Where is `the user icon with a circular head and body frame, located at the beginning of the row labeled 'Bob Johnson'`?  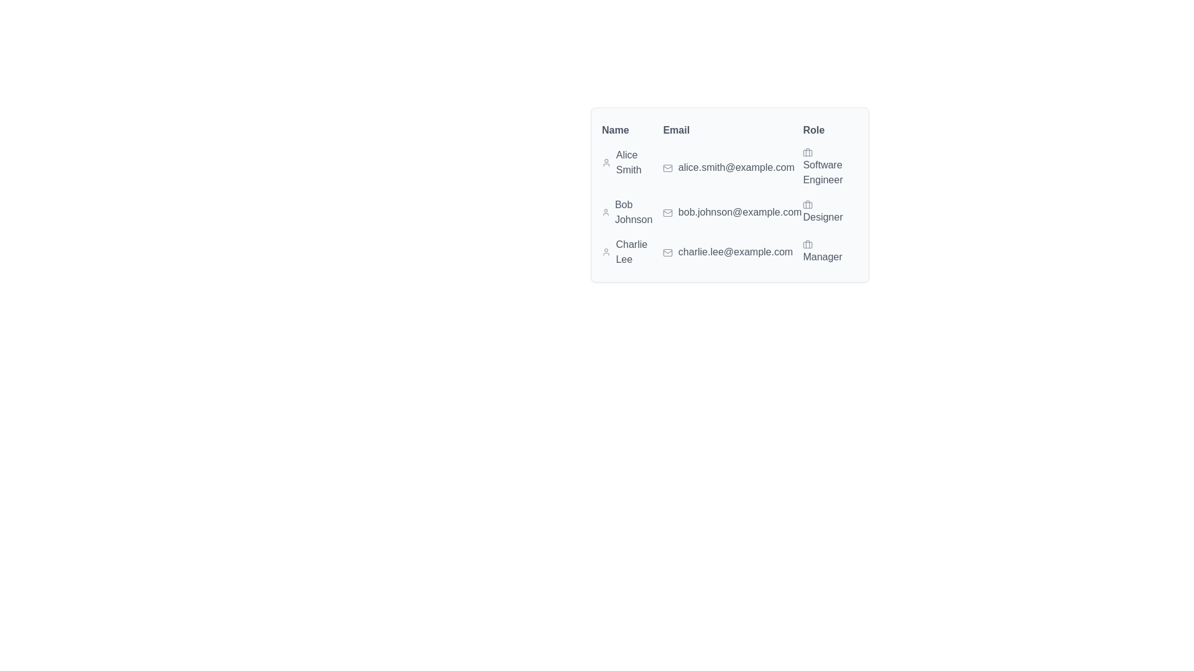 the user icon with a circular head and body frame, located at the beginning of the row labeled 'Bob Johnson' is located at coordinates (606, 212).